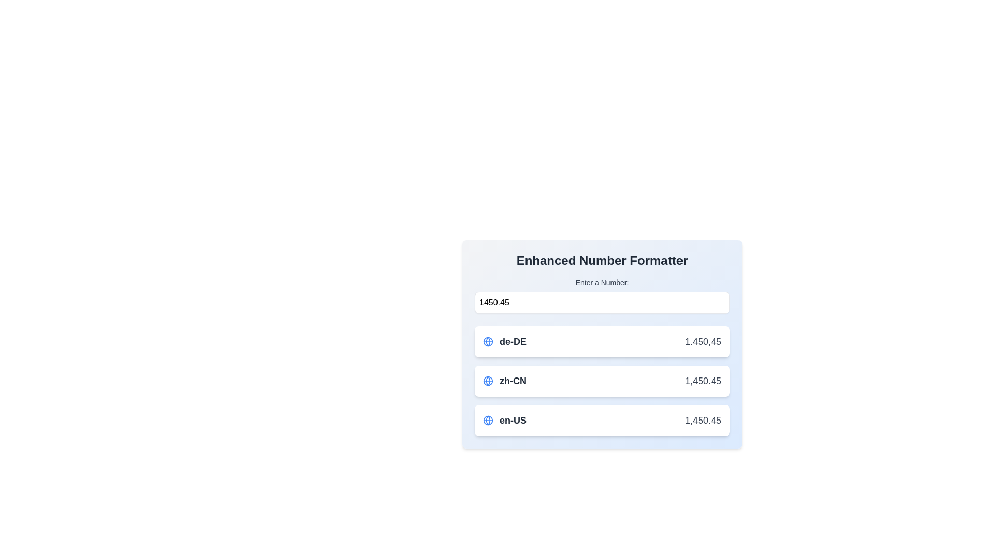 Image resolution: width=995 pixels, height=560 pixels. Describe the element at coordinates (487, 420) in the screenshot. I see `the blue globe icon representing localization, located in the third row of the list below the input box labeled 'en-US'` at that location.